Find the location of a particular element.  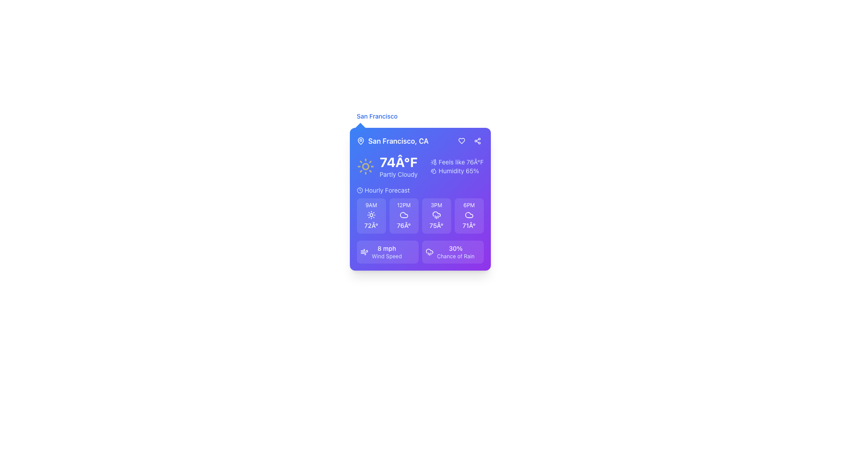

the temperature text indicating the forecast for 6PM, which is located in the bottom section of a rounded card under a cloud icon is located at coordinates (468, 225).